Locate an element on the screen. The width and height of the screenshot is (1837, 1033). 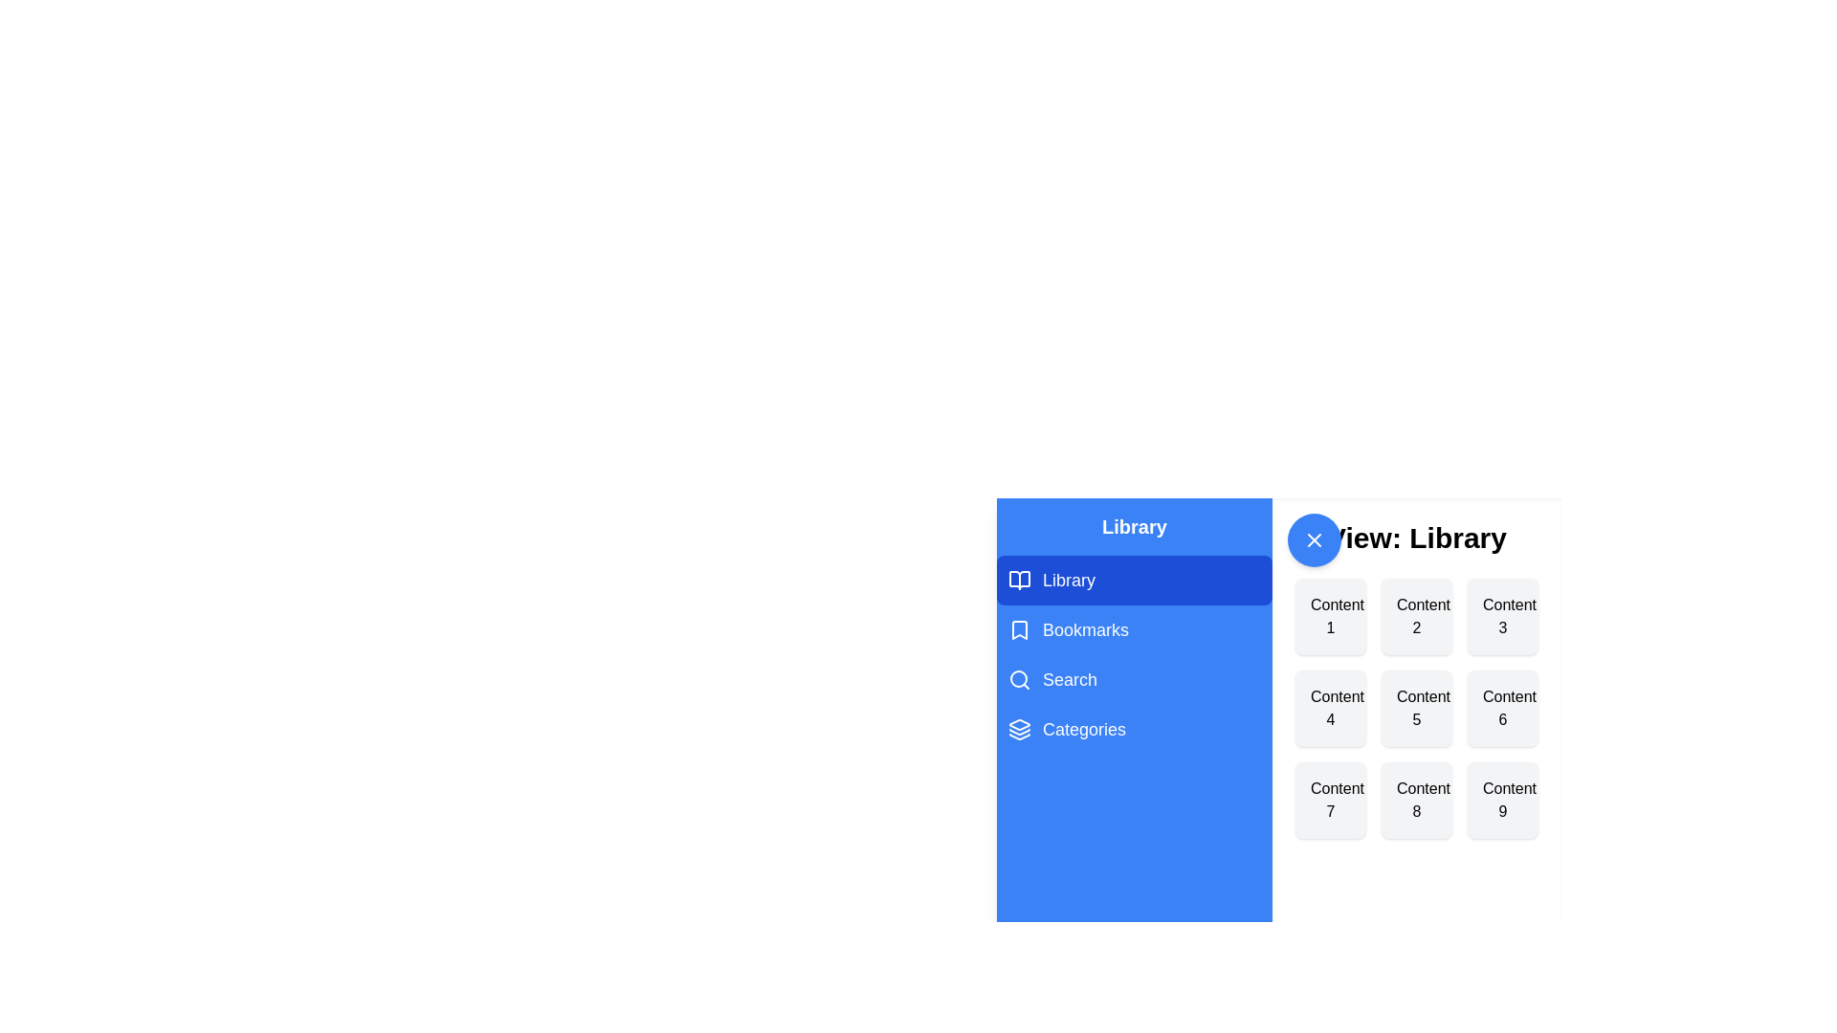
the section Categories from the sidebar menu is located at coordinates (1134, 730).